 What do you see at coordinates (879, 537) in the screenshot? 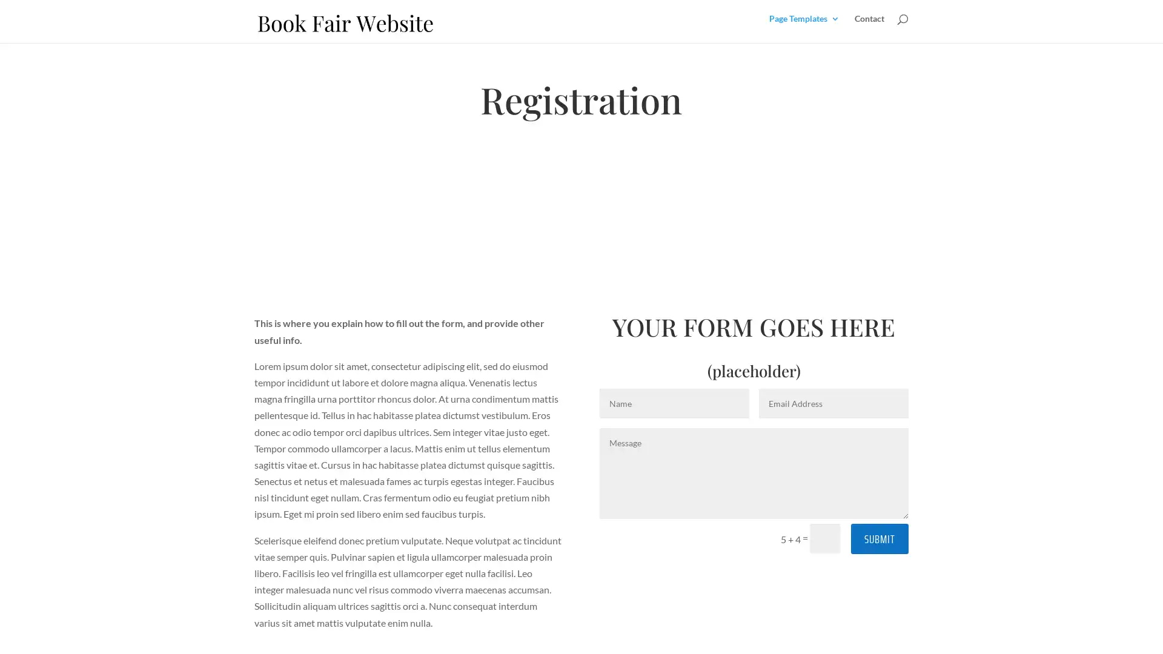
I see `SUBMIT 5` at bounding box center [879, 537].